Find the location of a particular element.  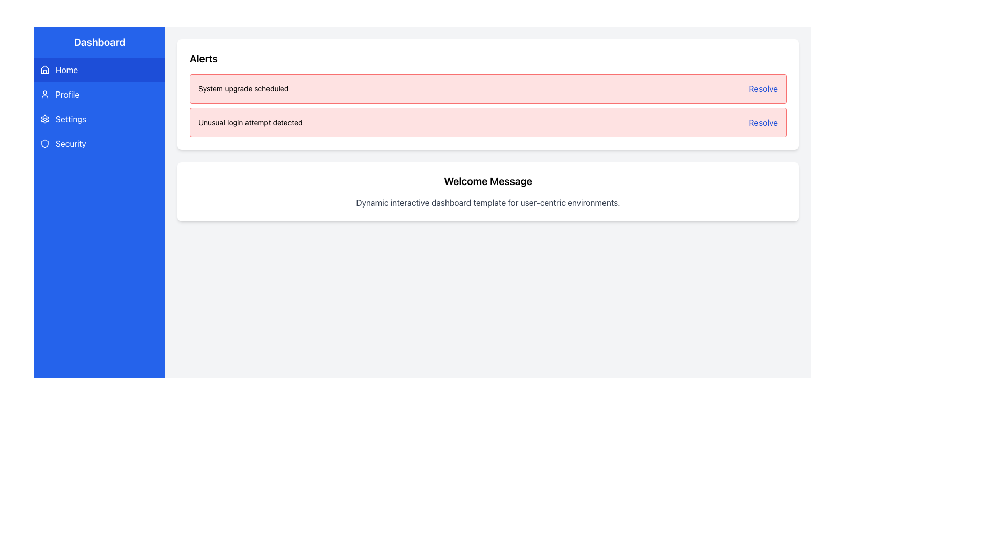

the user profile icon located in the second item of the vertical navigation sidebar is located at coordinates (44, 95).